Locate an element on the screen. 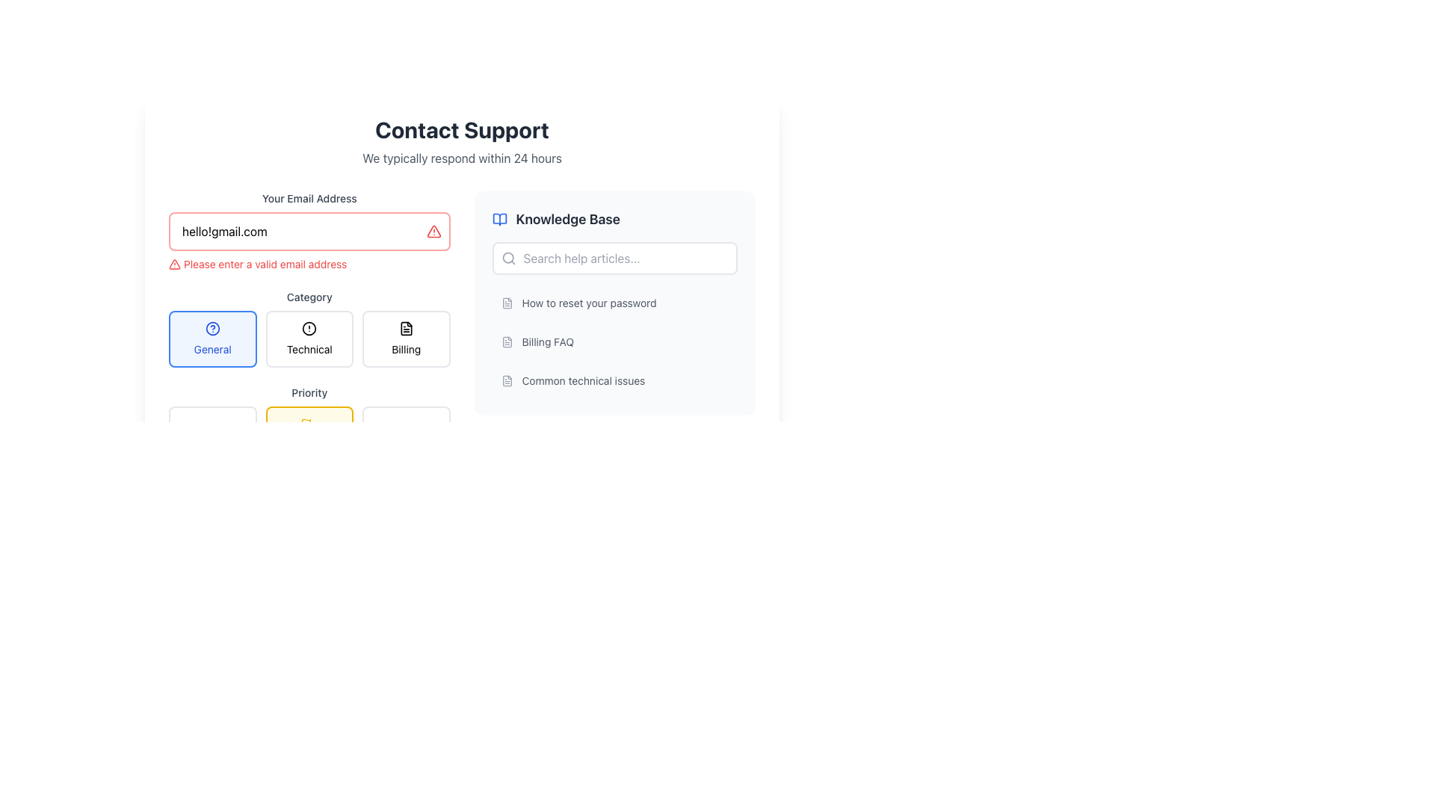 Image resolution: width=1435 pixels, height=807 pixels. the 'Knowledge Base' text header, which is visually prominent with bold text and located adjacent to a blue book icon in the sidebar is located at coordinates (567, 219).